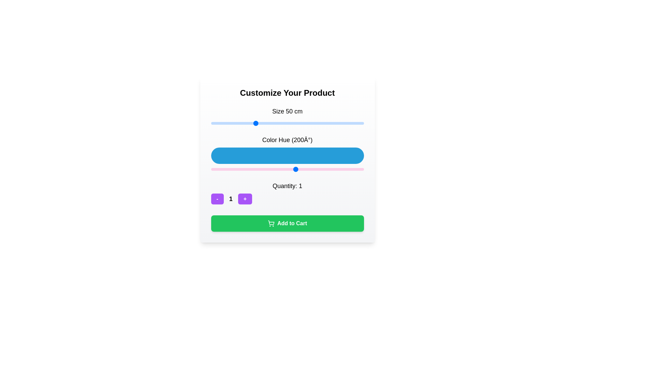 This screenshot has width=655, height=368. What do you see at coordinates (287, 158) in the screenshot?
I see `the interactive slider component labeled '(200°)'` at bounding box center [287, 158].